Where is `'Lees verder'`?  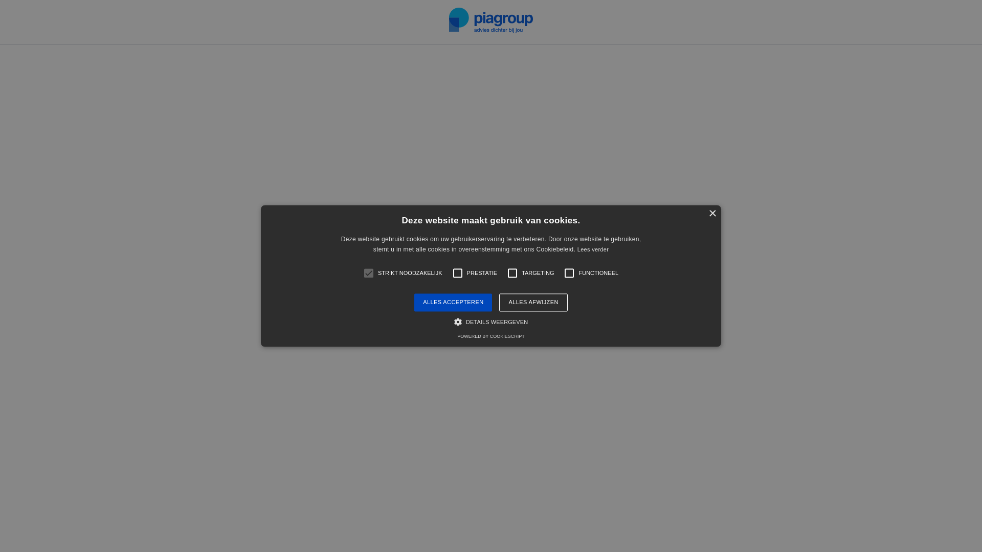
'Lees verder' is located at coordinates (577, 250).